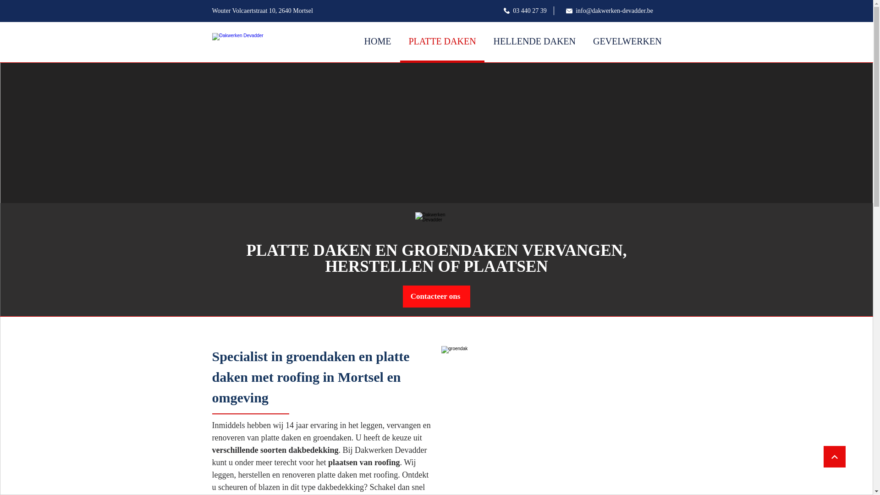 Image resolution: width=880 pixels, height=495 pixels. What do you see at coordinates (377, 42) in the screenshot?
I see `'HOME'` at bounding box center [377, 42].